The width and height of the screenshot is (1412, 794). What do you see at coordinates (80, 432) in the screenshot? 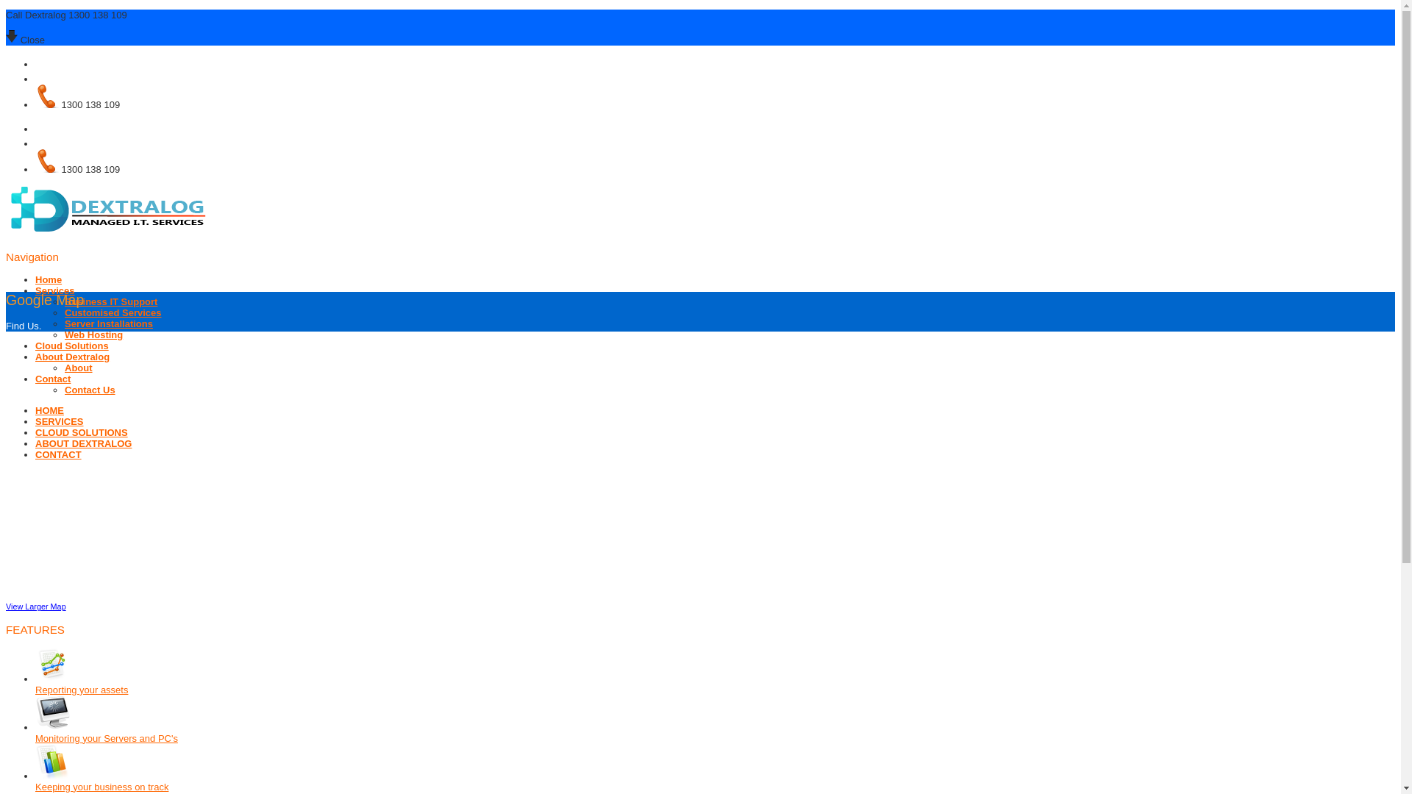
I see `'CLOUD SOLUTIONS'` at bounding box center [80, 432].